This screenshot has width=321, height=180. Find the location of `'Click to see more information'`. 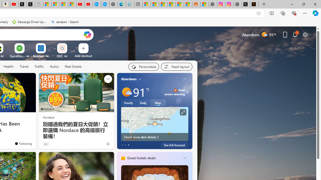

'Click to see more information' is located at coordinates (182, 112).